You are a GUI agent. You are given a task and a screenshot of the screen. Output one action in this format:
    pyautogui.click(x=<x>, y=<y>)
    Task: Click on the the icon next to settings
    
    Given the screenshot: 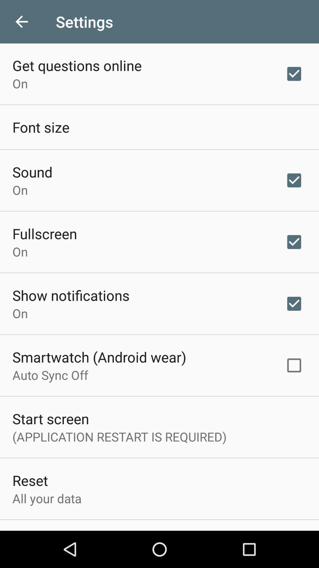 What is the action you would take?
    pyautogui.click(x=21, y=22)
    